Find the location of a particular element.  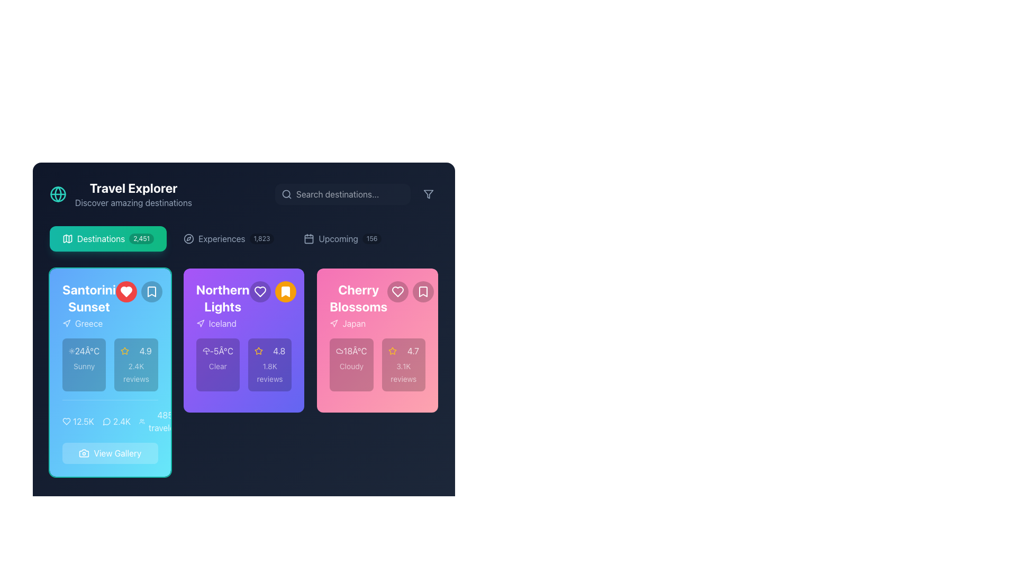

the filter icon represented by a funnel shape located at the top-right corner of the user interface is located at coordinates (429, 194).